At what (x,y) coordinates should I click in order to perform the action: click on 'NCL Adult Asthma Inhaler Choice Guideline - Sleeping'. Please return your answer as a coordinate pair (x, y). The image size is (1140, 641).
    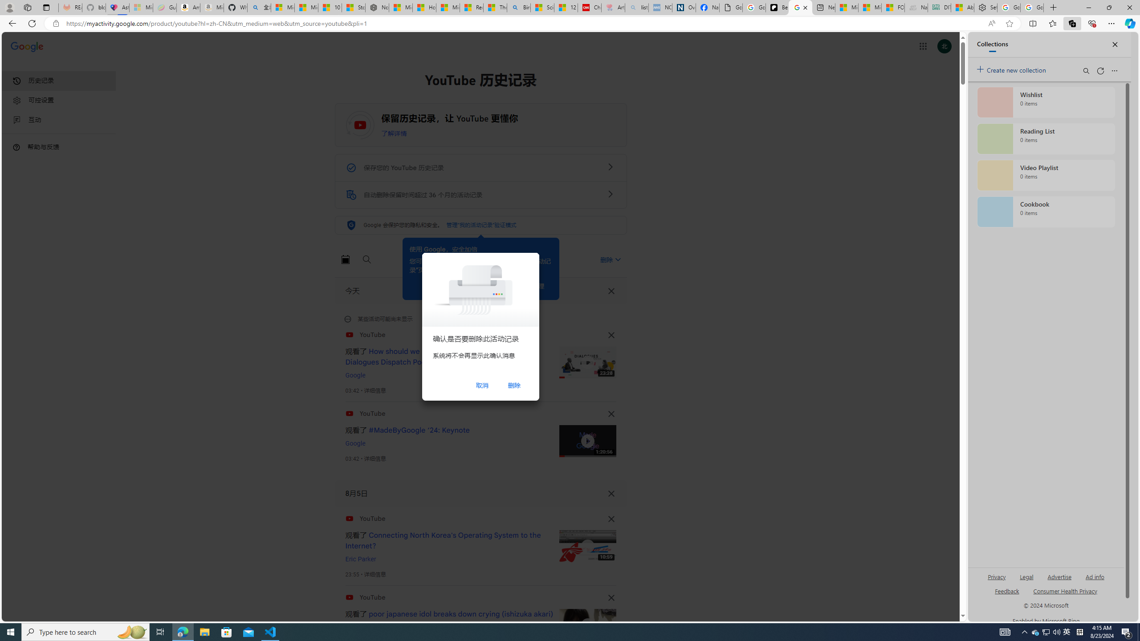
    Looking at the image, I should click on (660, 7).